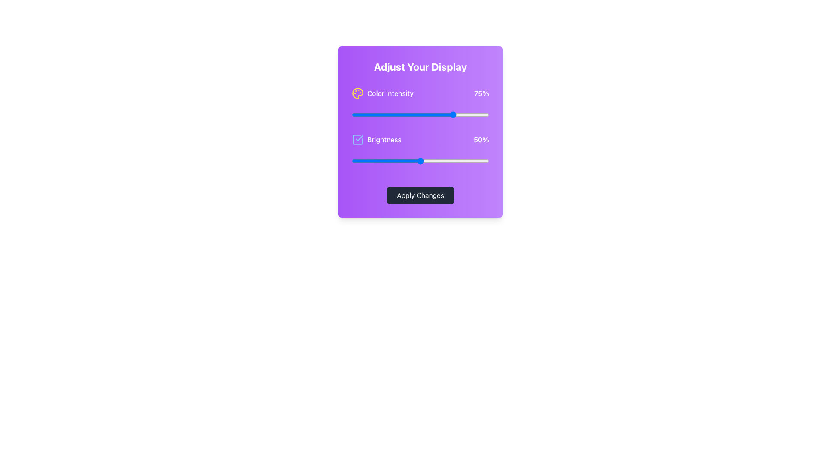 Image resolution: width=823 pixels, height=463 pixels. What do you see at coordinates (360, 138) in the screenshot?
I see `the blue checkmark icon located in the second row next to the 'Brightness' label` at bounding box center [360, 138].